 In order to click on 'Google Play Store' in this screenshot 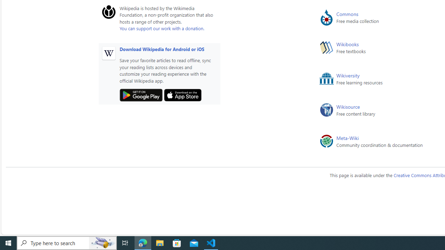, I will do `click(140, 95)`.